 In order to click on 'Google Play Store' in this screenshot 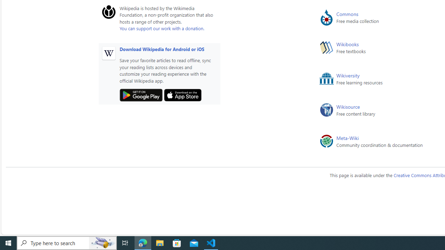, I will do `click(140, 95)`.